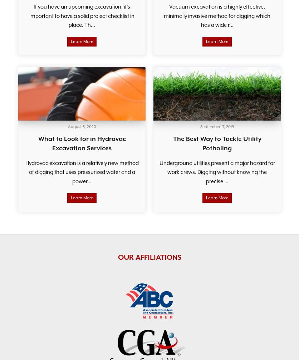 The image size is (299, 360). What do you see at coordinates (216, 143) in the screenshot?
I see `'The Best Way to Tackle Utility Potholing'` at bounding box center [216, 143].